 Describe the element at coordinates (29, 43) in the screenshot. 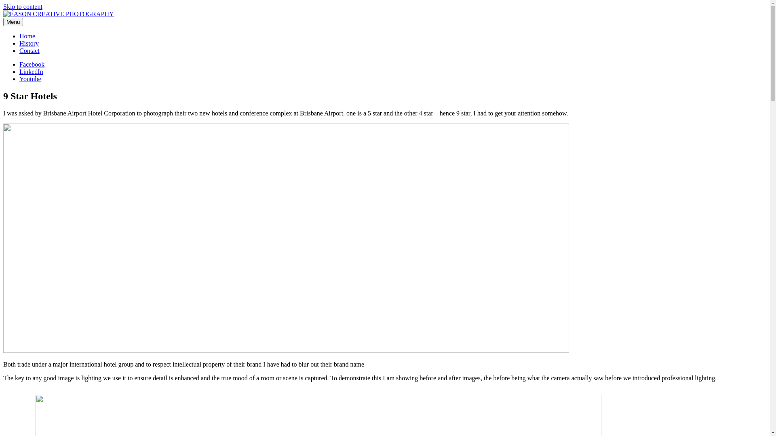

I see `'History'` at that location.